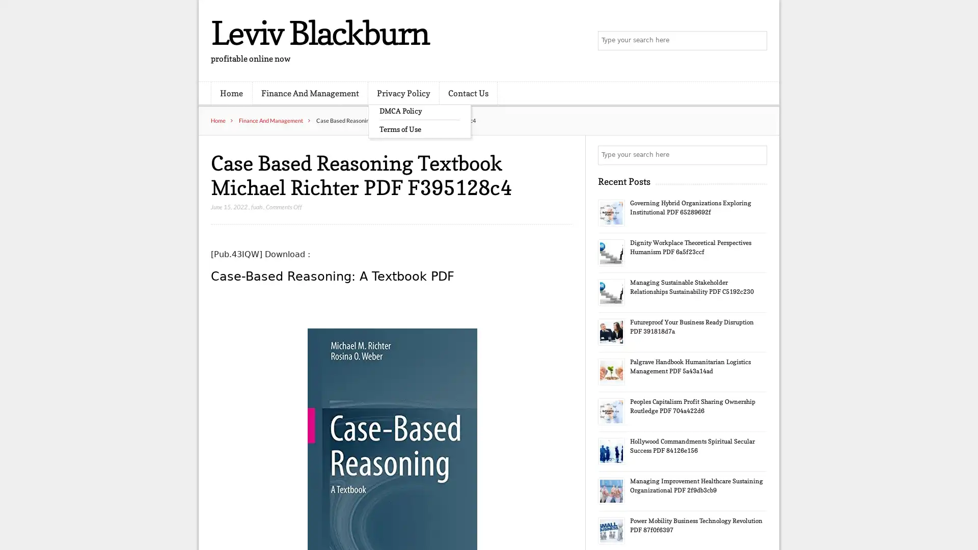  I want to click on Search, so click(756, 41).